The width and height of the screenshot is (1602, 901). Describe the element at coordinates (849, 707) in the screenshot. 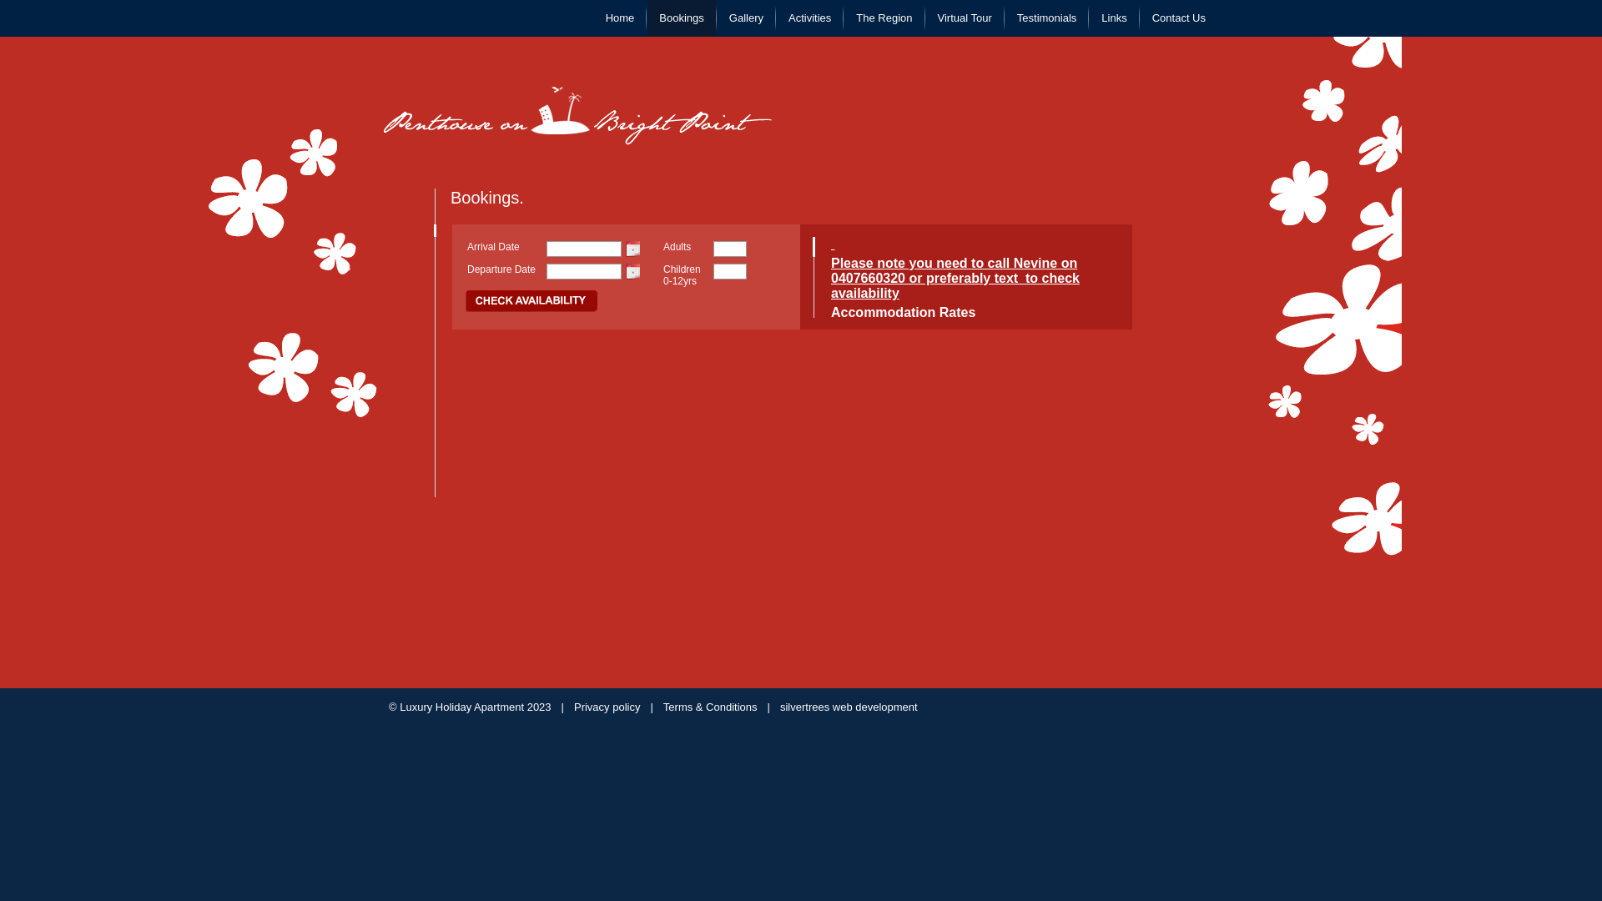

I see `'silvertrees web development'` at that location.